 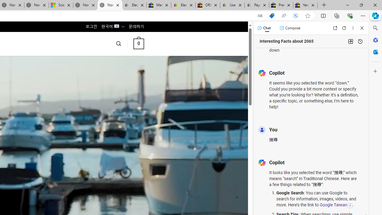 I want to click on 'Outlook', so click(x=375, y=52).